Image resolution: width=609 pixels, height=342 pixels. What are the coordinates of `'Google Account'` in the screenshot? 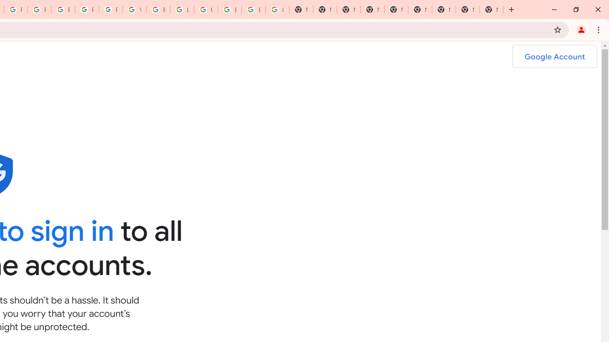 It's located at (554, 57).